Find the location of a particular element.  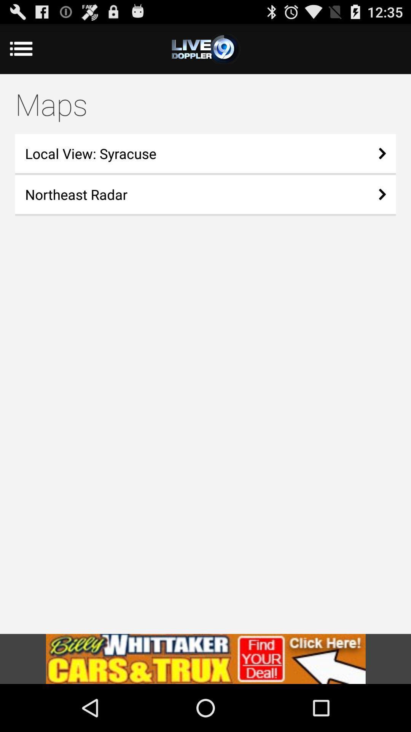

menu bar is located at coordinates (205, 48).